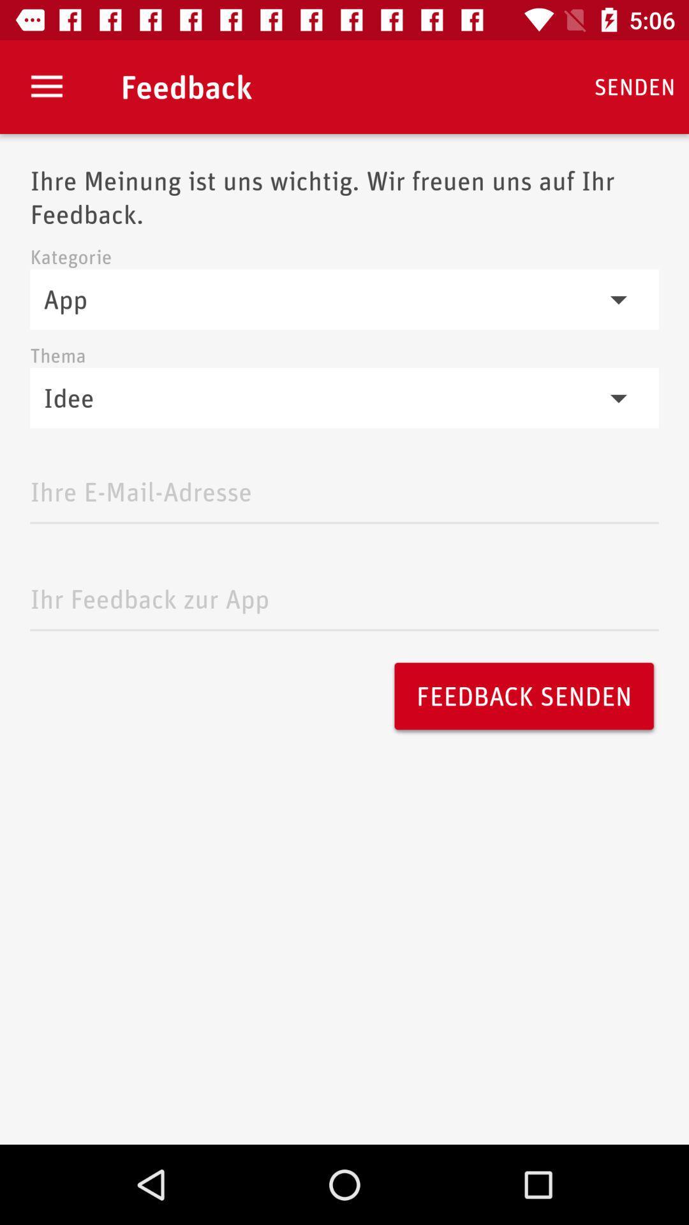 The width and height of the screenshot is (689, 1225). I want to click on the item on the right, so click(524, 695).